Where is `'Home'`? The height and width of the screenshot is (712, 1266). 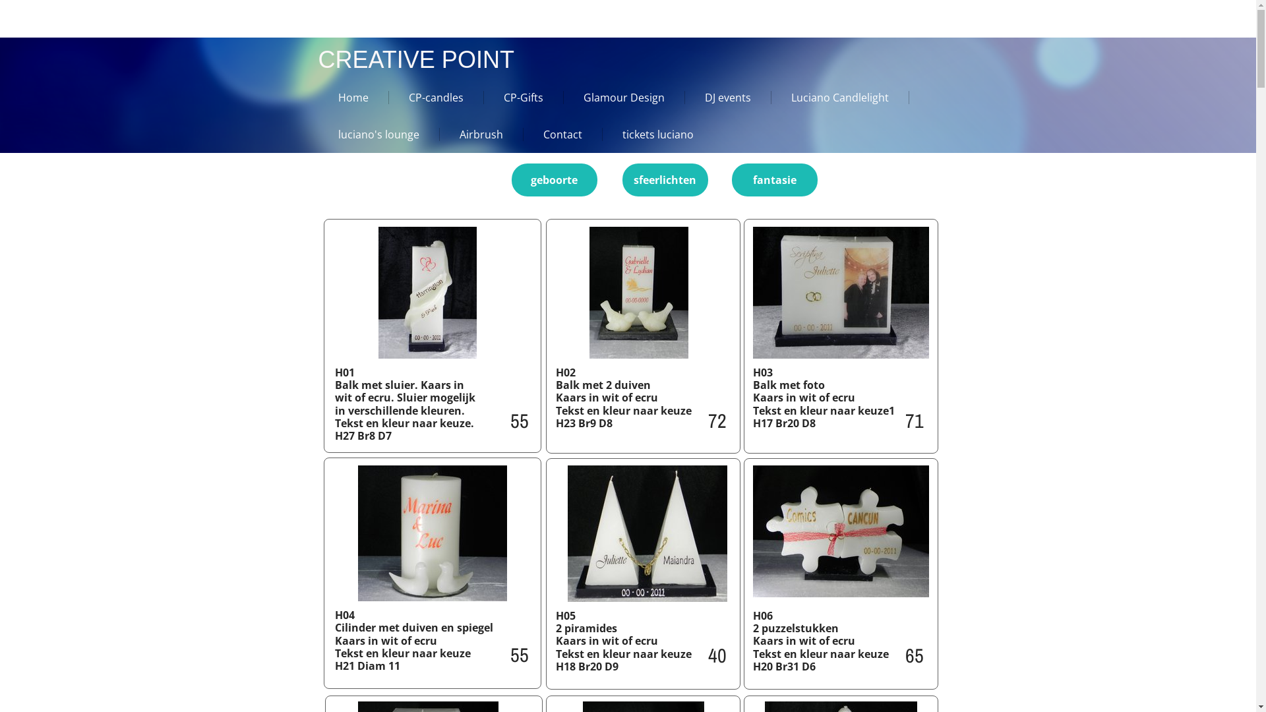
'Home' is located at coordinates (344, 96).